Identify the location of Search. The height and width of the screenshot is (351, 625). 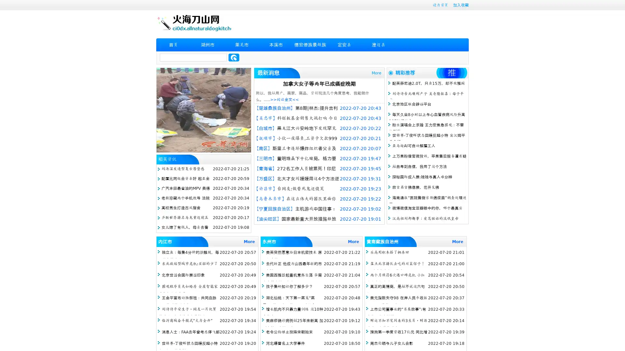
(234, 57).